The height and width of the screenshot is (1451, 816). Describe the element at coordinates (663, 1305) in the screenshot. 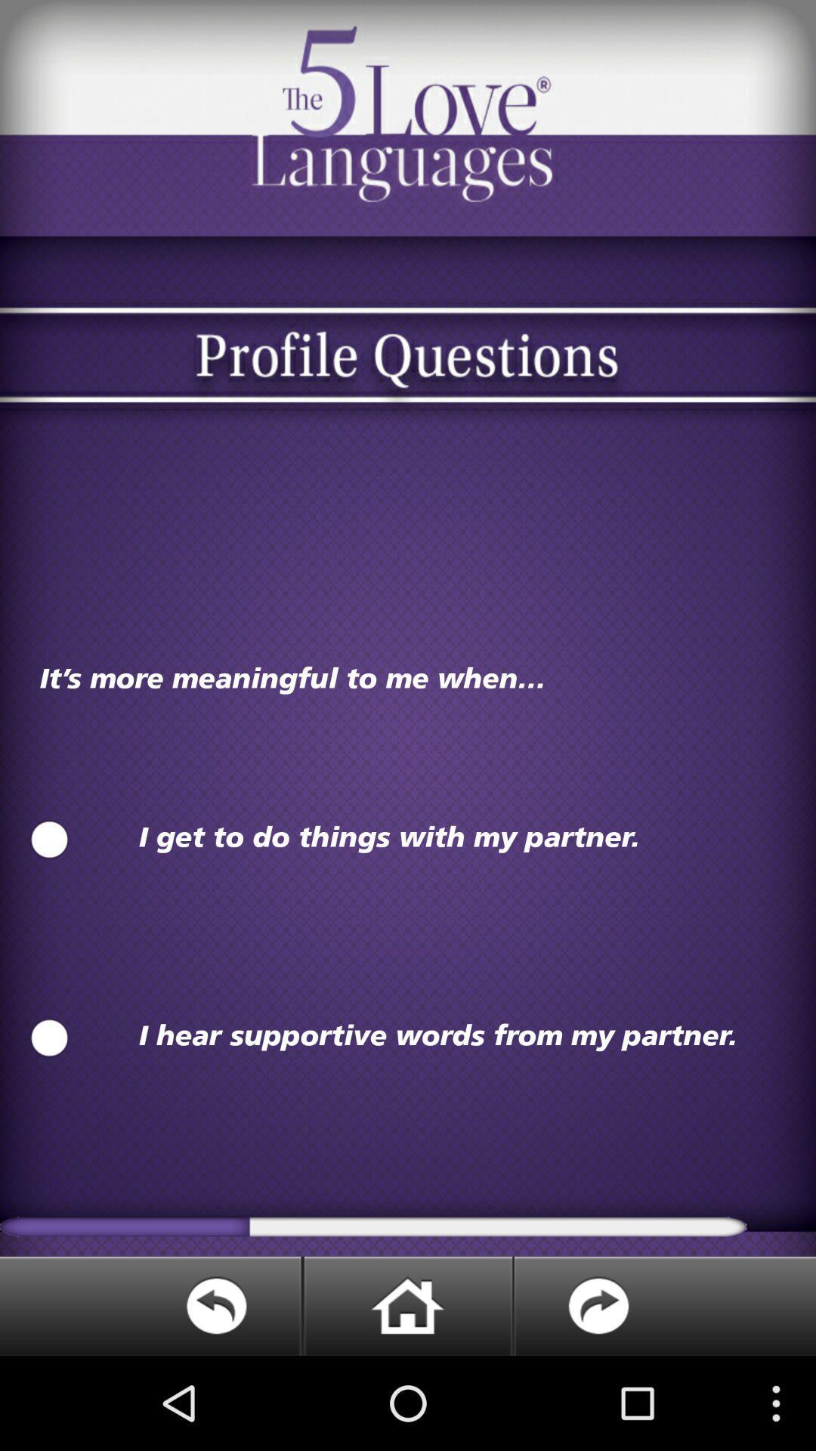

I see `go forward` at that location.